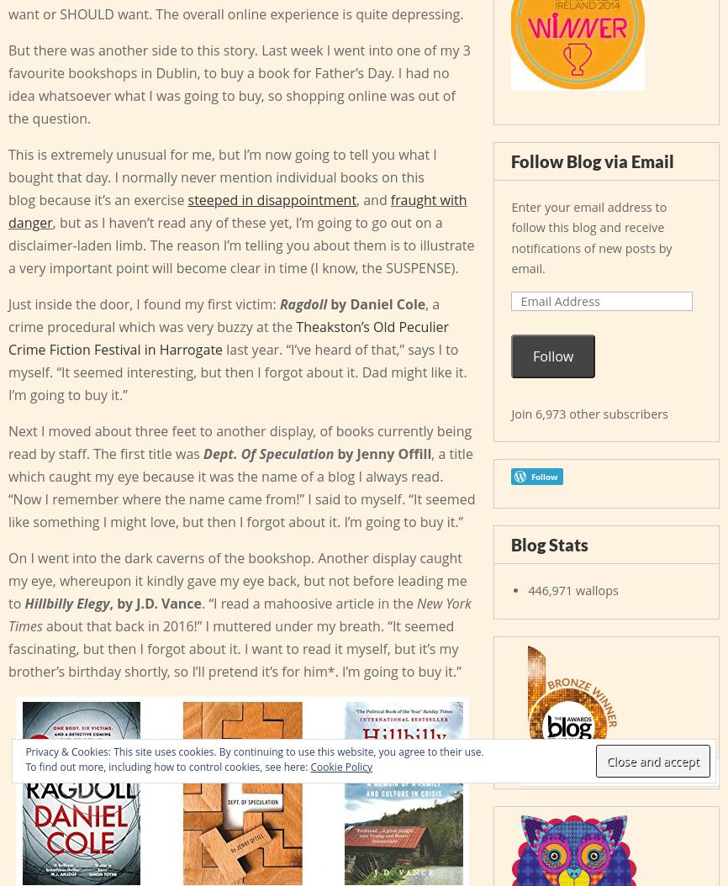 This screenshot has width=728, height=886. I want to click on 'Ragdoll', so click(302, 303).